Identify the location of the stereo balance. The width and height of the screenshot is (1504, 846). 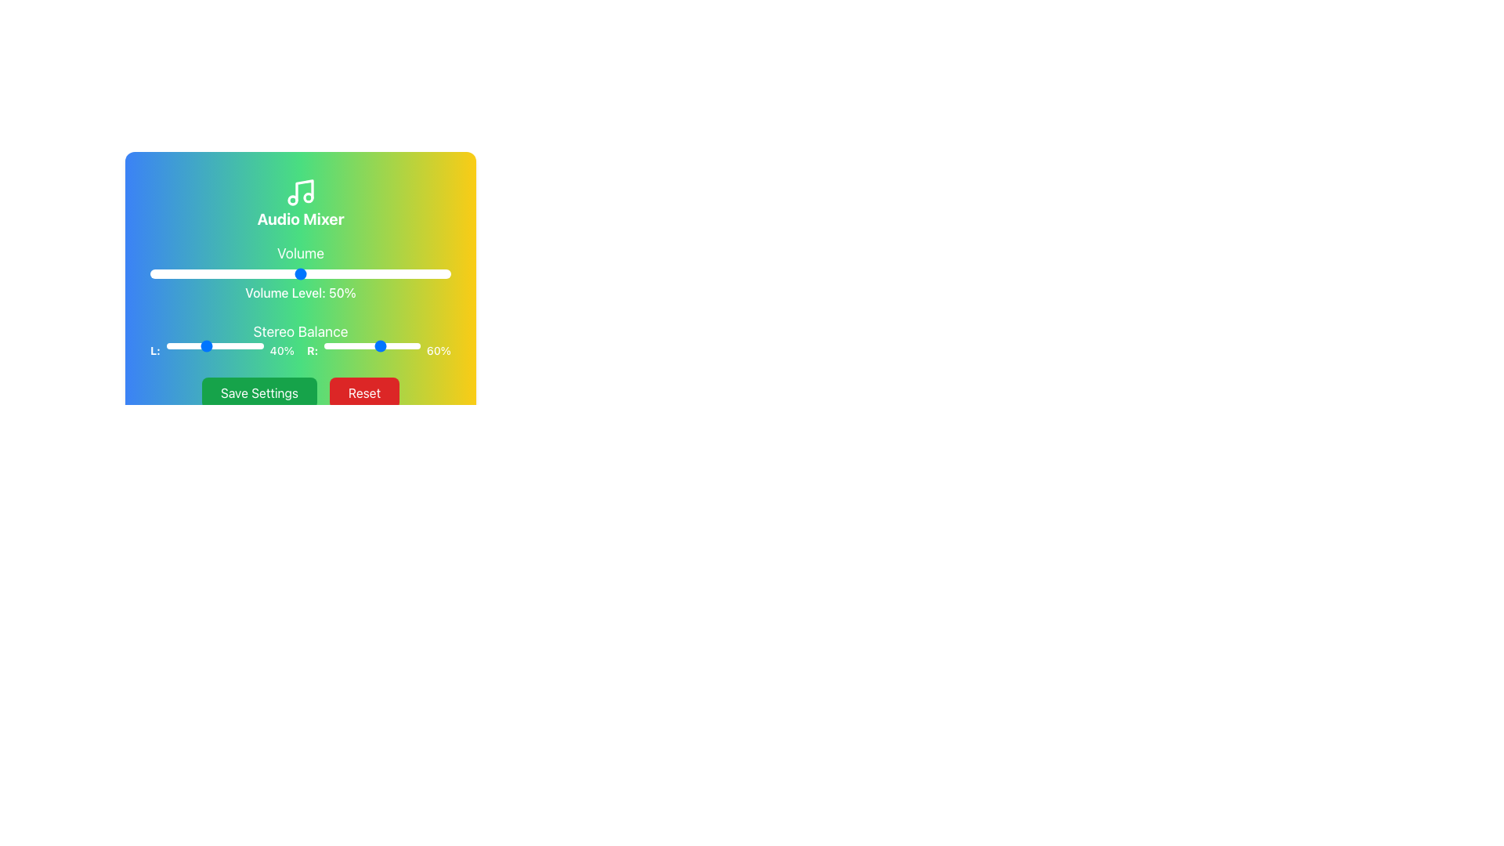
(383, 345).